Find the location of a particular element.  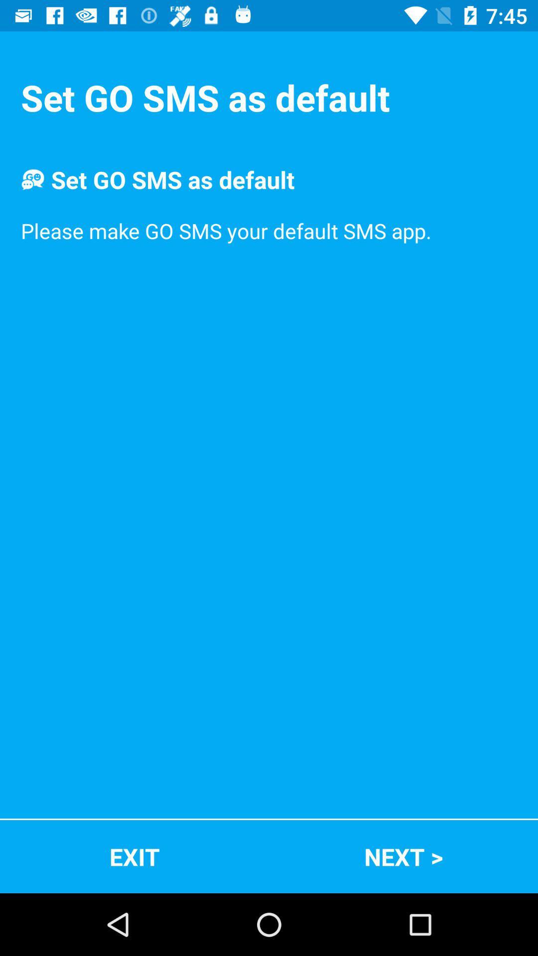

item next to the next > item is located at coordinates (134, 856).